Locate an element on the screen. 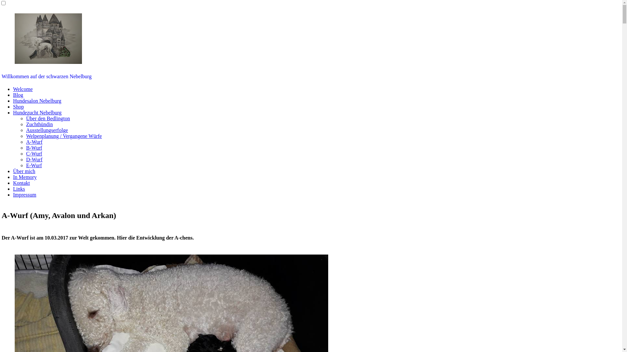 Image resolution: width=627 pixels, height=352 pixels. 'A-Wurf' is located at coordinates (34, 141).